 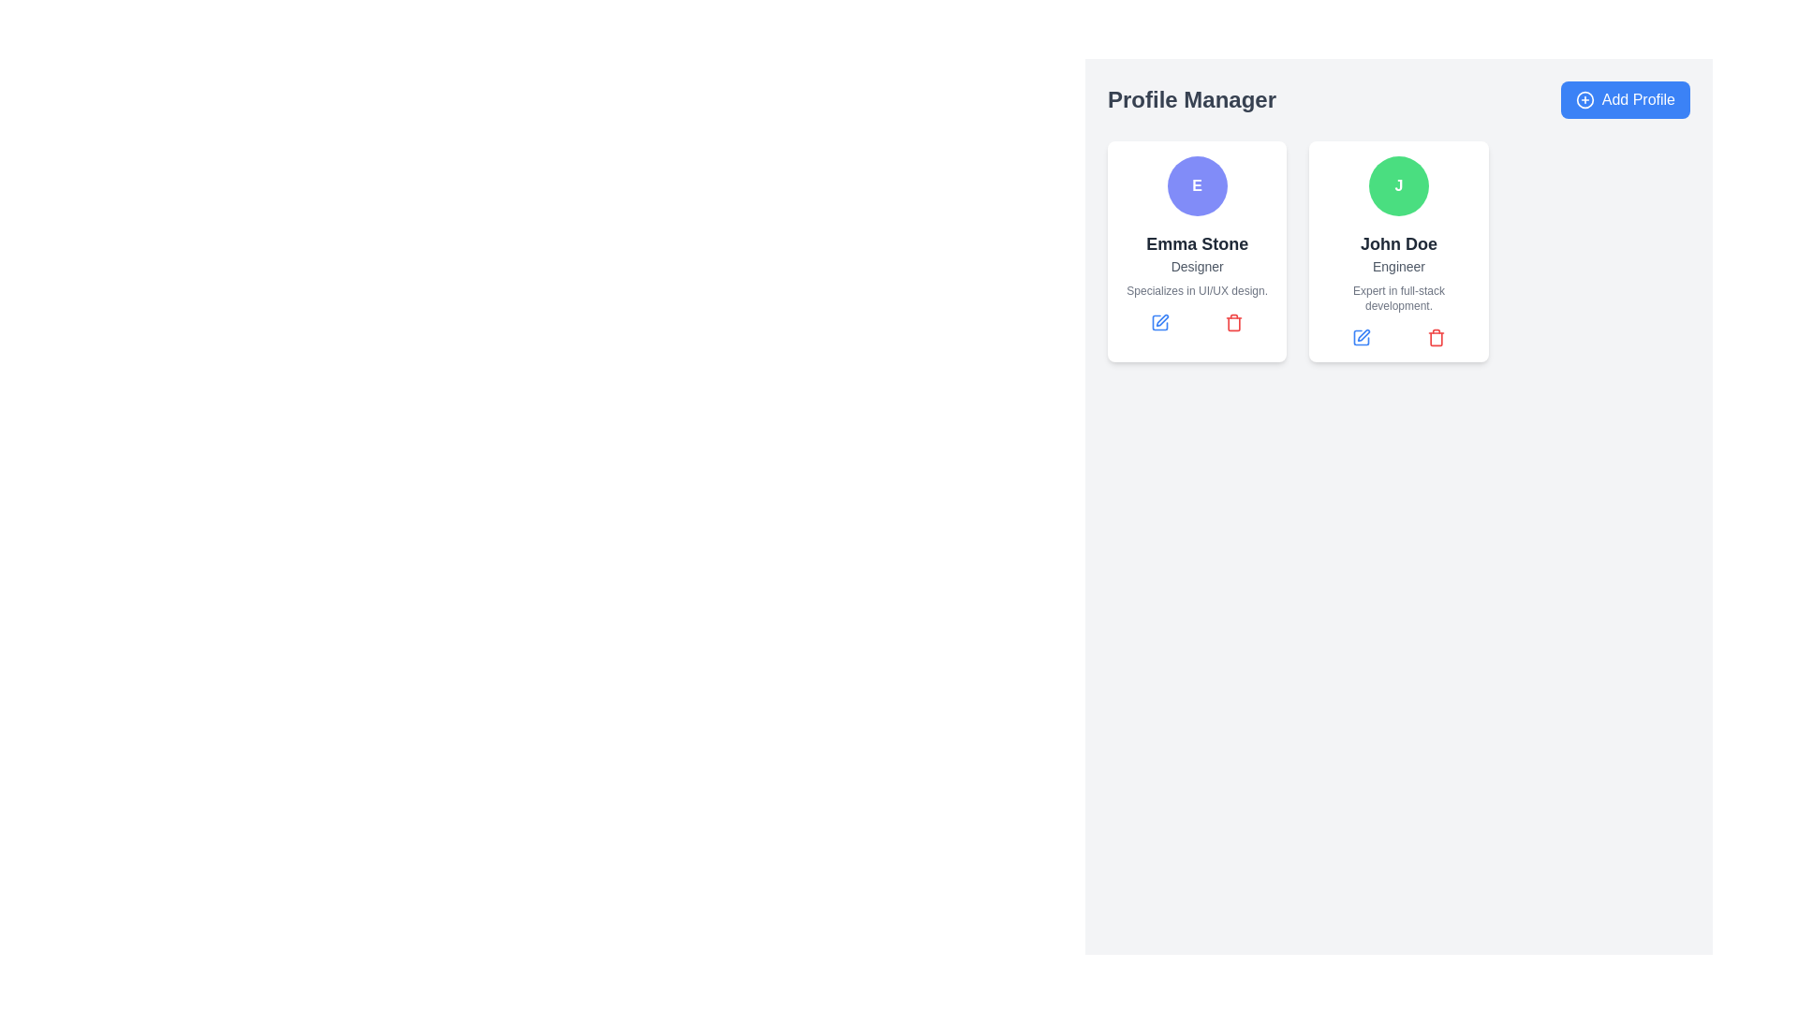 I want to click on the text label displaying 'John Doe', which is styled in bold sans-serif font and is located in the right profile card, below the profile icon 'J', so click(x=1398, y=243).